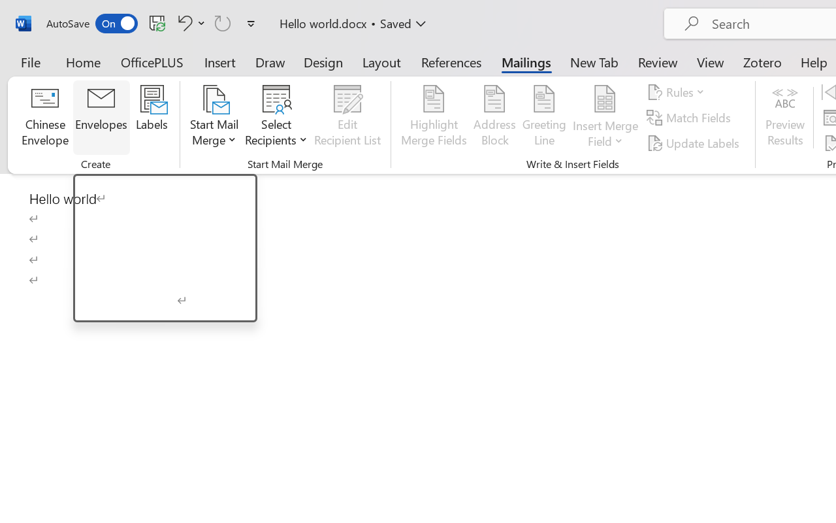  I want to click on 'Layout', so click(381, 61).